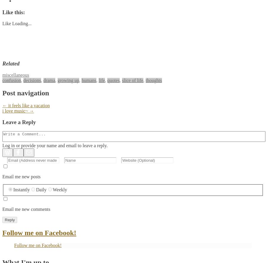 Image resolution: width=266 pixels, height=263 pixels. Describe the element at coordinates (9, 219) in the screenshot. I see `'Reply'` at that location.